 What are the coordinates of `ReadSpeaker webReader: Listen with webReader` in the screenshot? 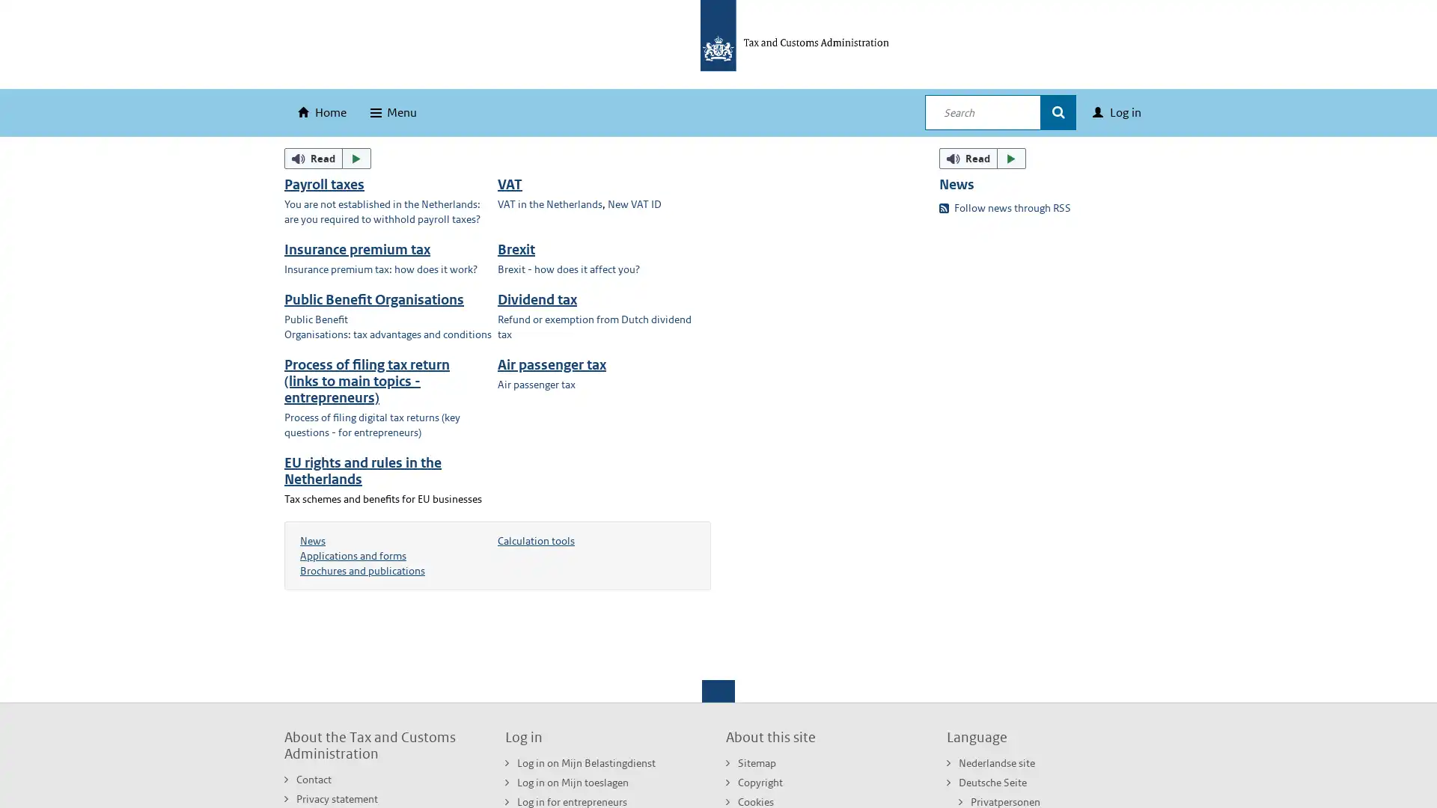 It's located at (983, 159).